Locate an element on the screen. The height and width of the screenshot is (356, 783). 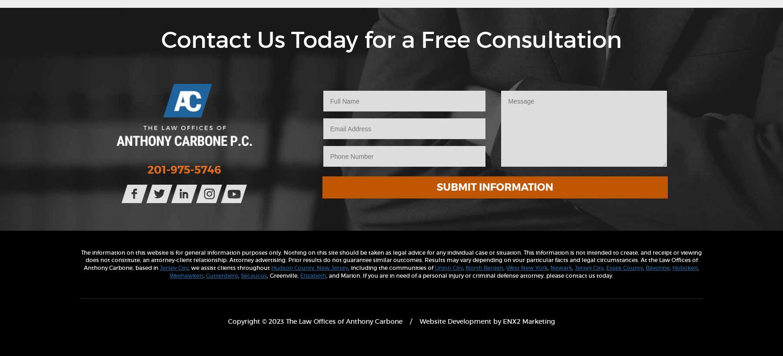
'Connect with us on Twitter!' is located at coordinates (216, 188).